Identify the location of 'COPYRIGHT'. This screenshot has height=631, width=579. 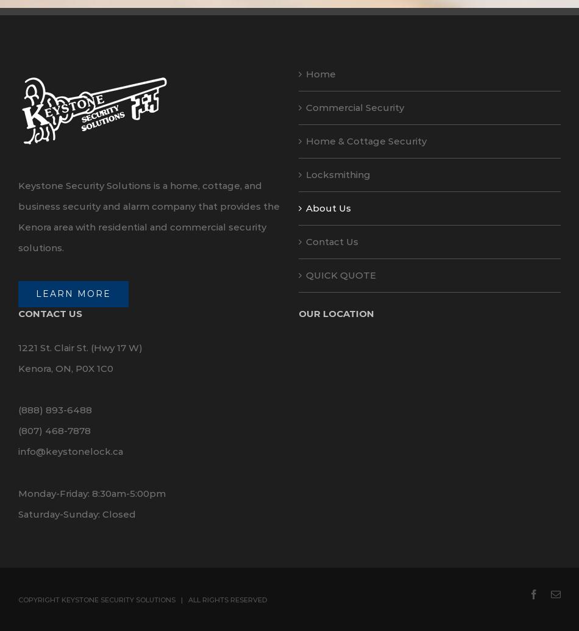
(40, 599).